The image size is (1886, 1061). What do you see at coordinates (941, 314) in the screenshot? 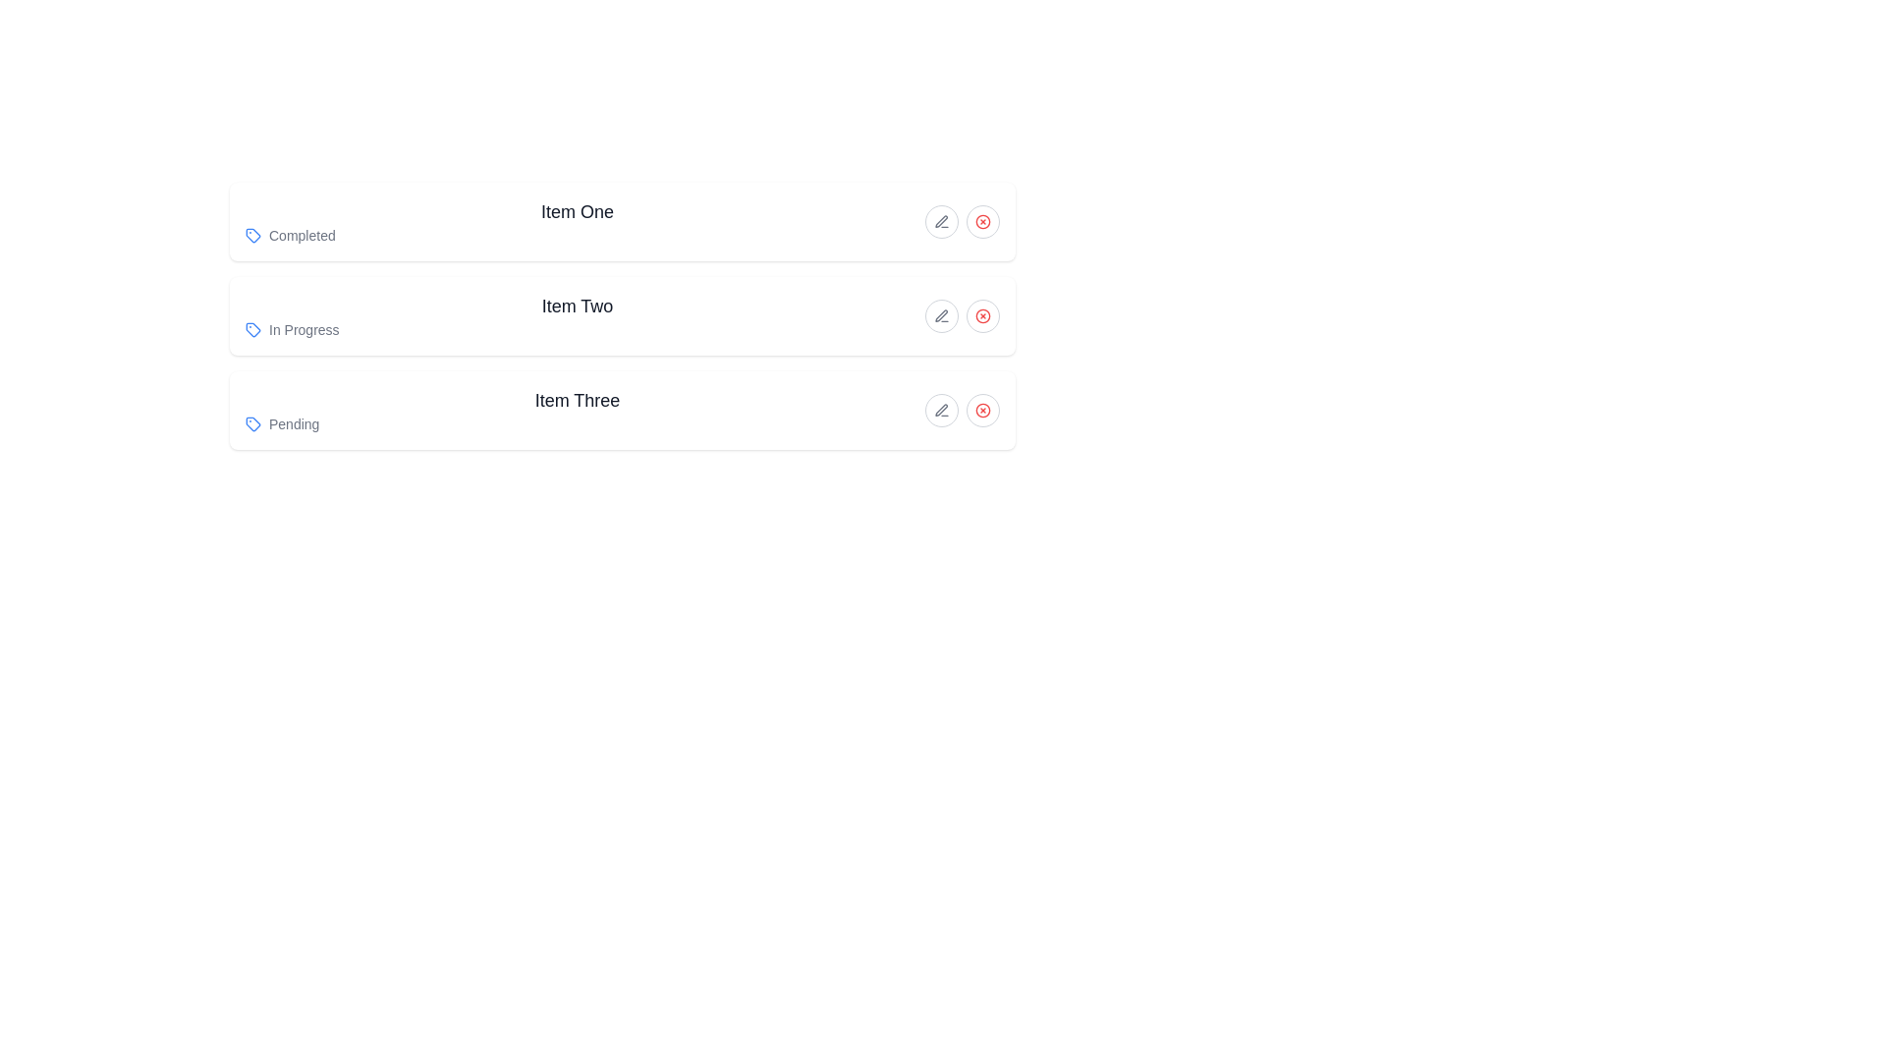
I see `the edit icon resembling a pen located within a button` at bounding box center [941, 314].